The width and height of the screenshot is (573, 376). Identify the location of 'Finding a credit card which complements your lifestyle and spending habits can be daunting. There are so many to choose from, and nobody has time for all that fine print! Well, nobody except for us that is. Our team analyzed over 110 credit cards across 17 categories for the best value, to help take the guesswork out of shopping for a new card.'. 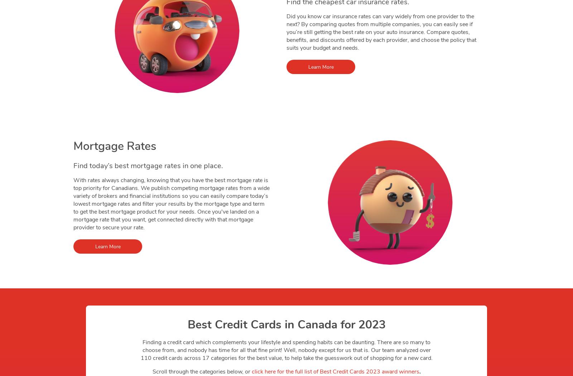
(286, 350).